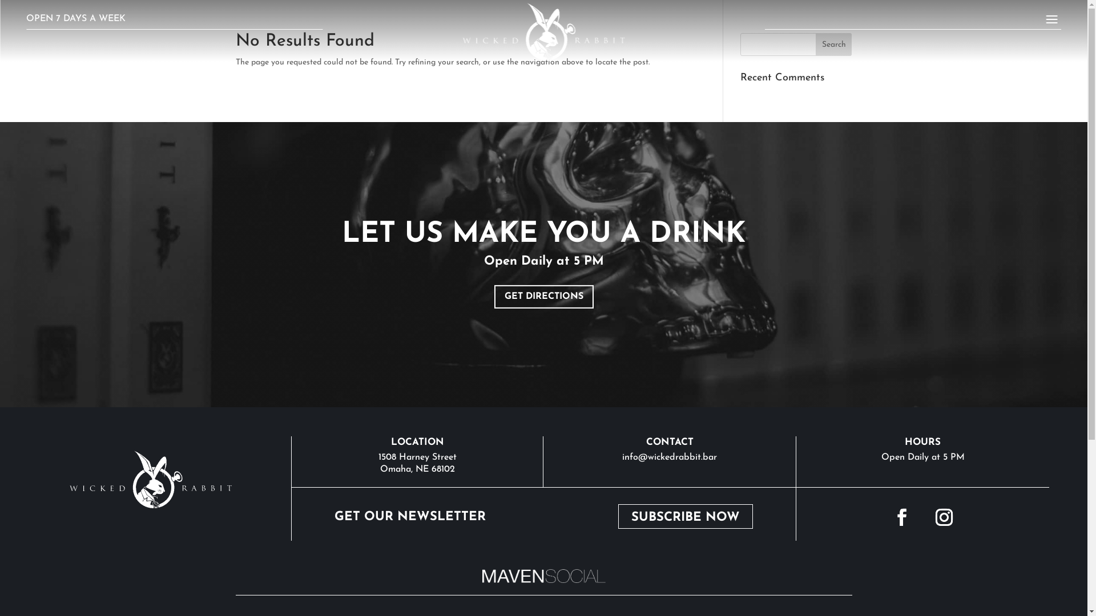 This screenshot has height=616, width=1096. What do you see at coordinates (150, 479) in the screenshot?
I see `'wickedrabbit_logo_white_rezised'` at bounding box center [150, 479].